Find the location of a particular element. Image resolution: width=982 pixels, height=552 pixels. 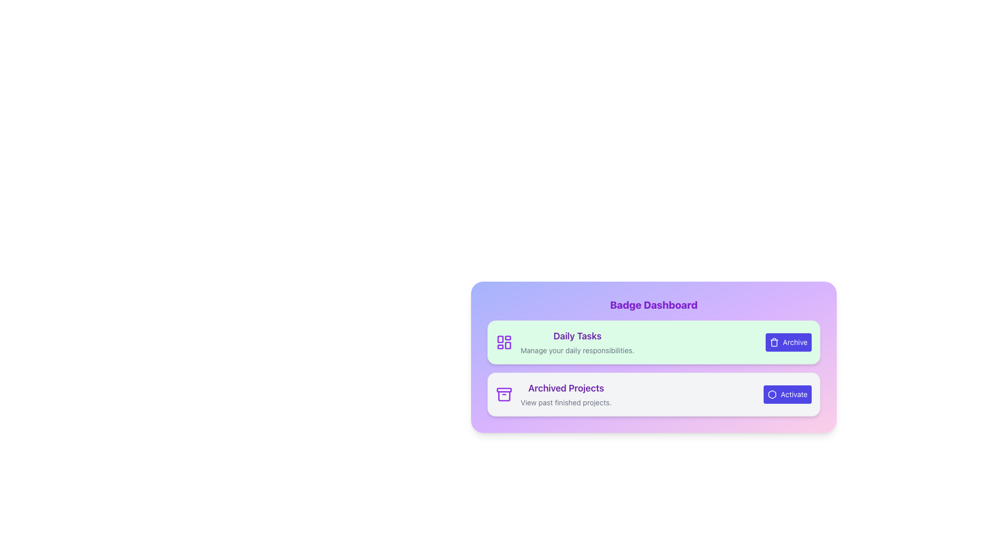

the text label displaying 'View past finished projects.' located in the bottom-right section of the card under the 'Badge Dashboard' header is located at coordinates (566, 402).